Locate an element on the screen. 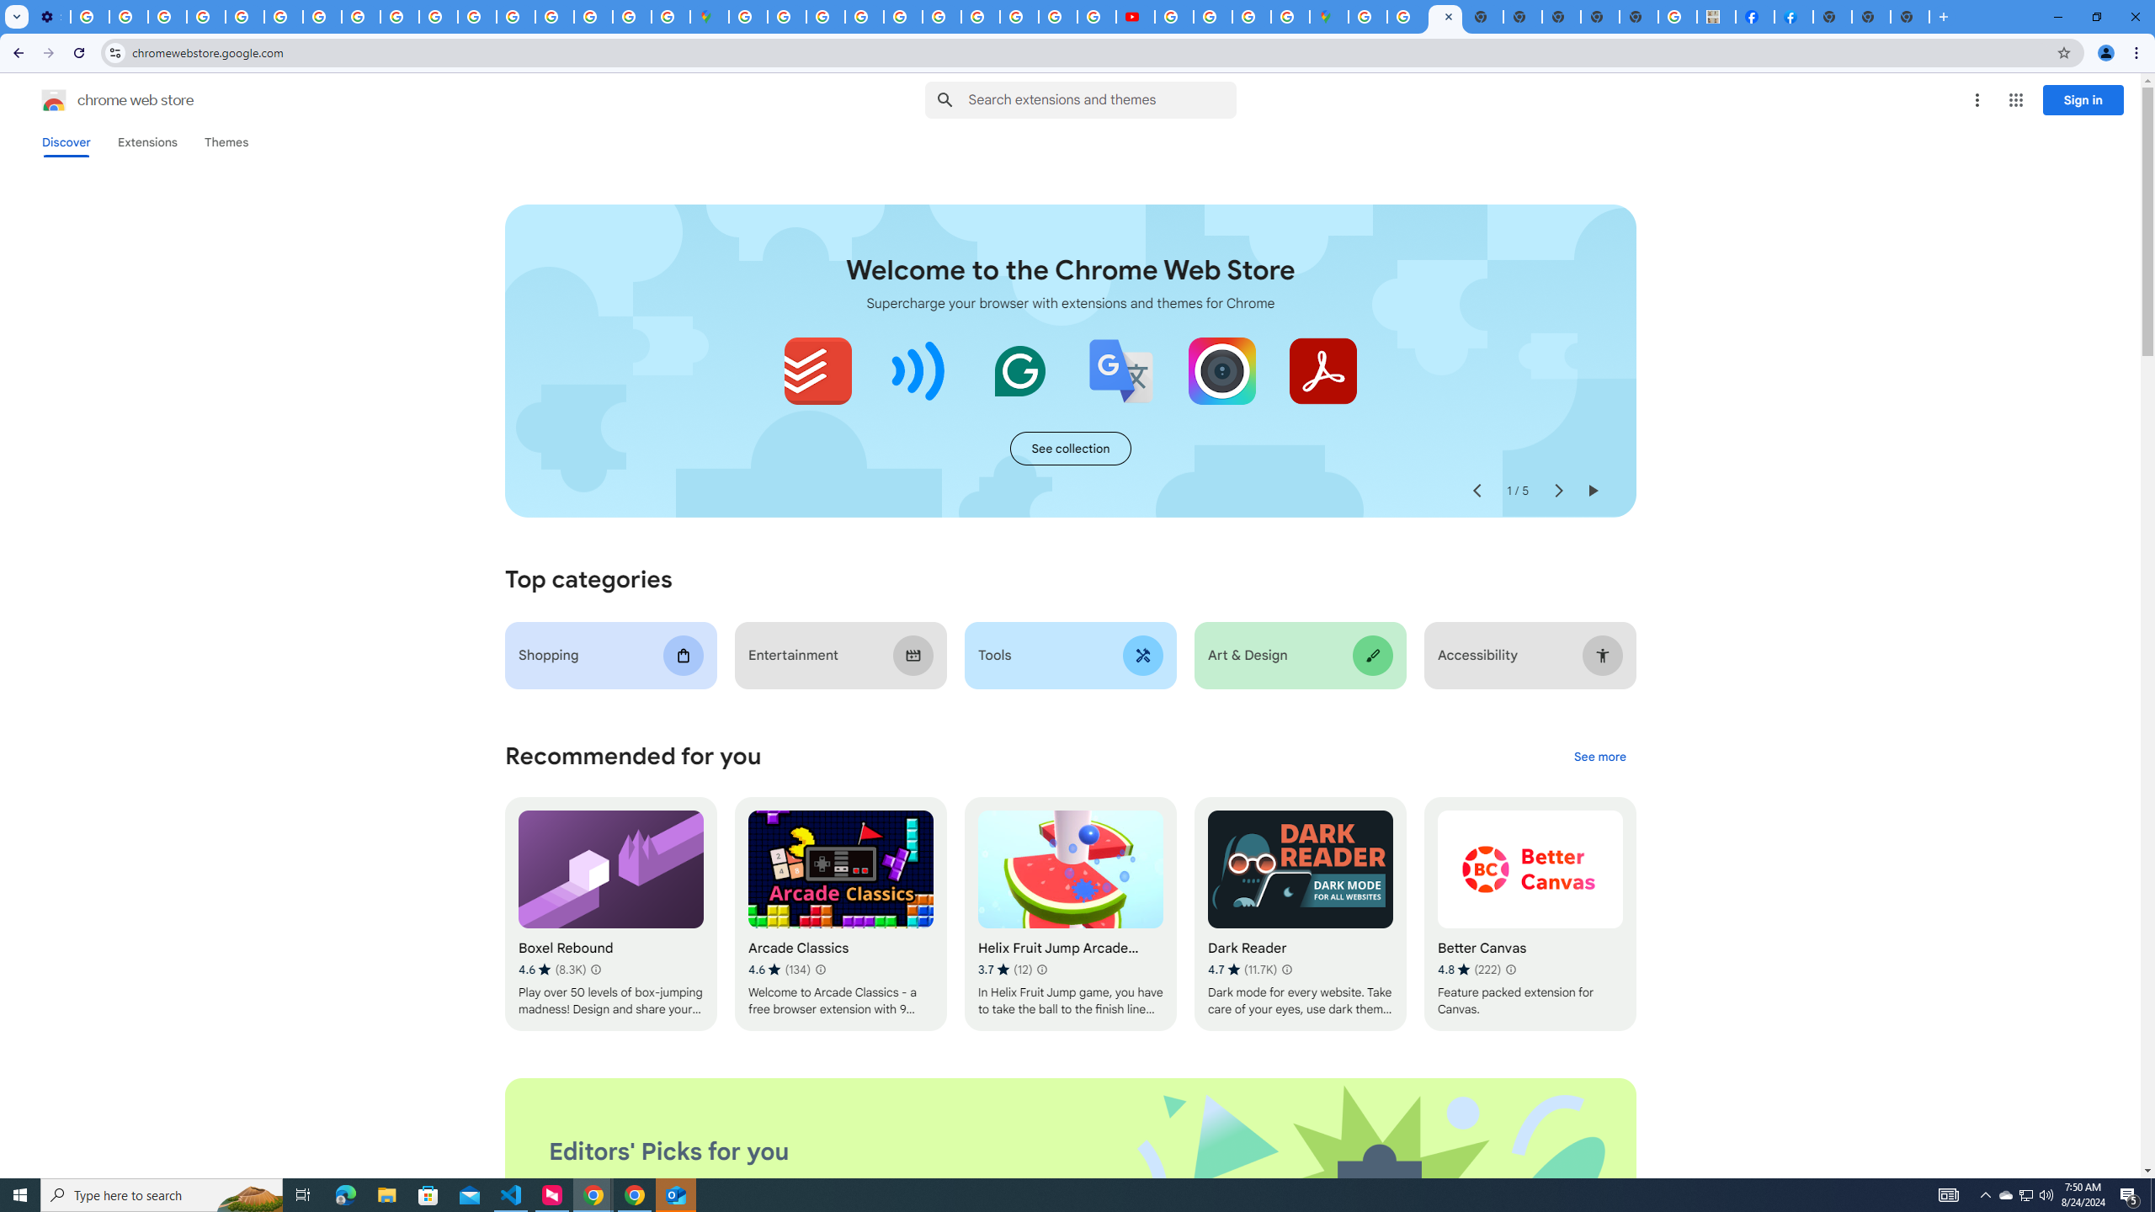 The width and height of the screenshot is (2155, 1212). 'More options menu' is located at coordinates (1977, 99).